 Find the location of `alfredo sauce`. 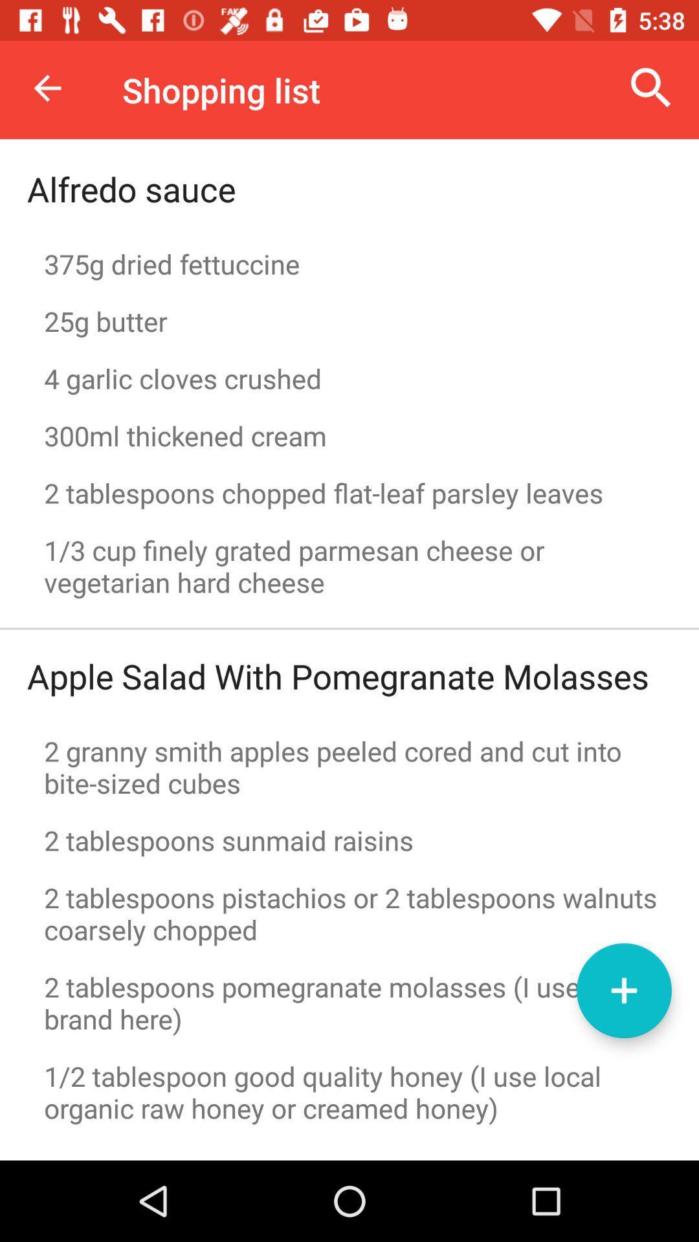

alfredo sauce is located at coordinates (131, 188).